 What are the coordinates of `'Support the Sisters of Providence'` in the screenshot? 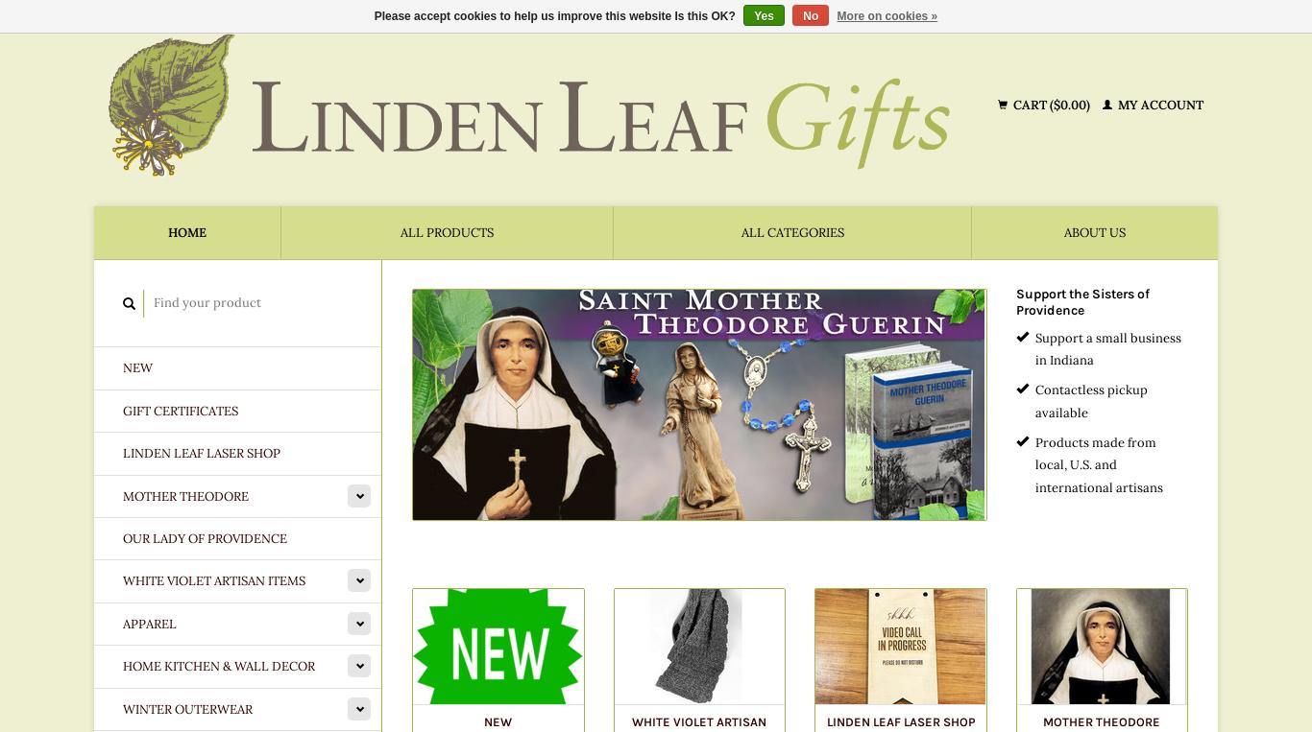 It's located at (1014, 300).